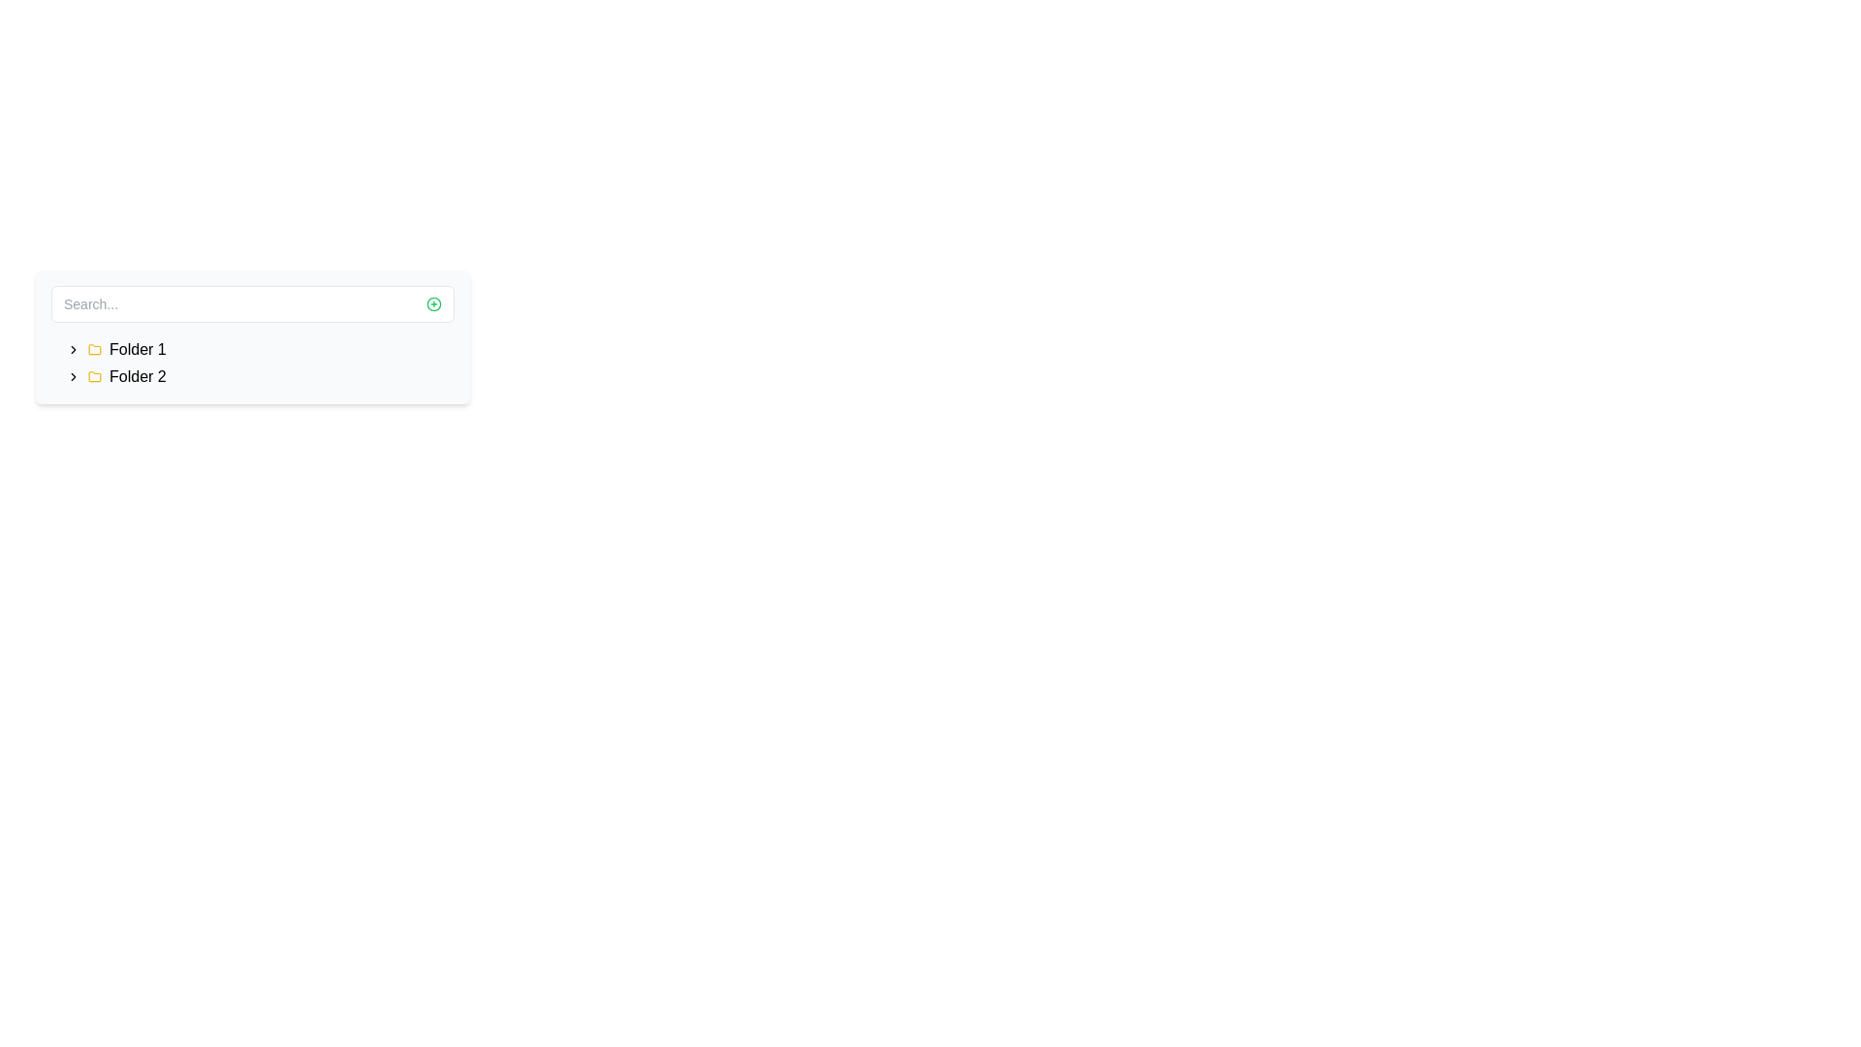  Describe the element at coordinates (137, 350) in the screenshot. I see `the text label for 'Folder 1'` at that location.